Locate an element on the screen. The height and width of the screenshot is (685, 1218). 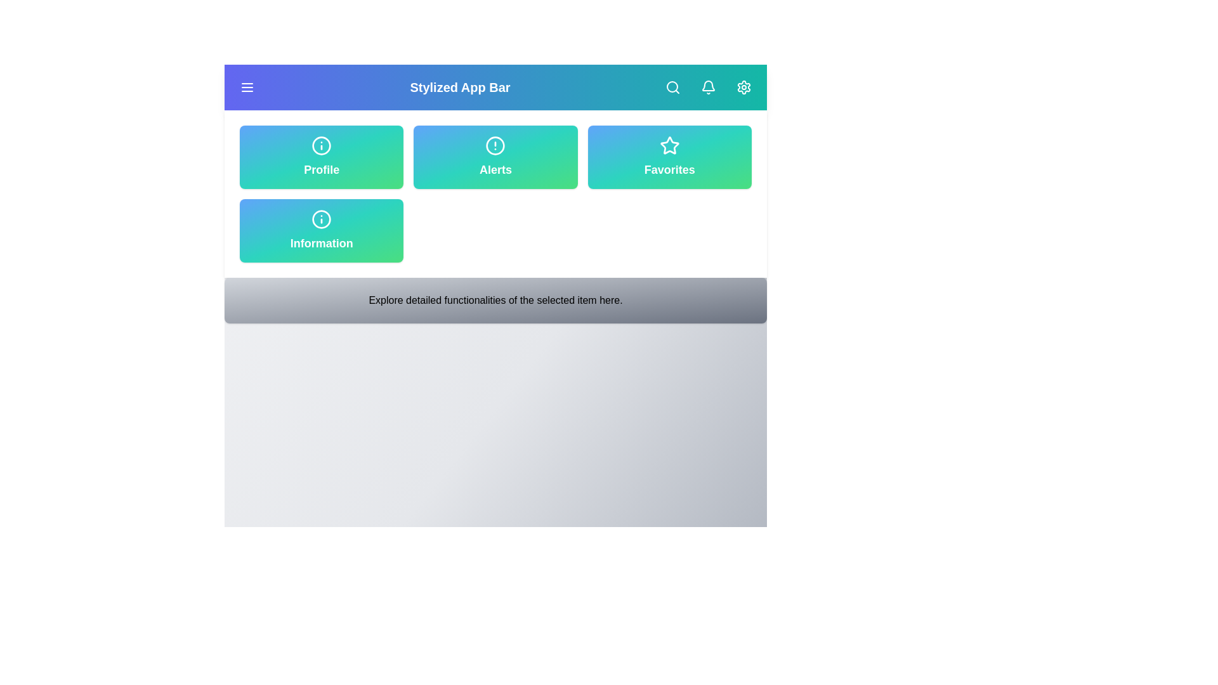
the settings icon in the top right corner of the app bar is located at coordinates (743, 87).